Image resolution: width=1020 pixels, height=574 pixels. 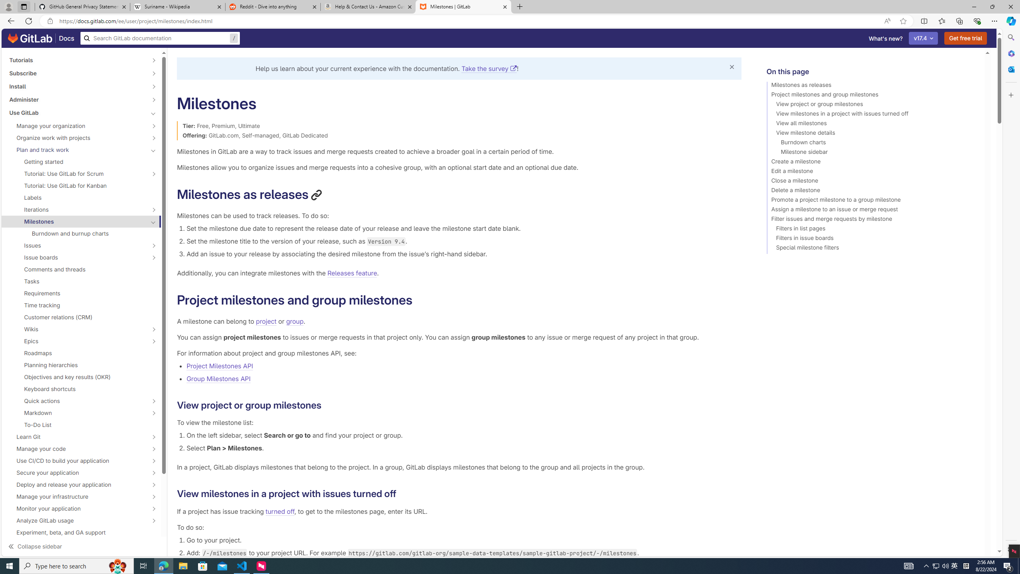 I want to click on 'GitLab documentation home', so click(x=29, y=38).